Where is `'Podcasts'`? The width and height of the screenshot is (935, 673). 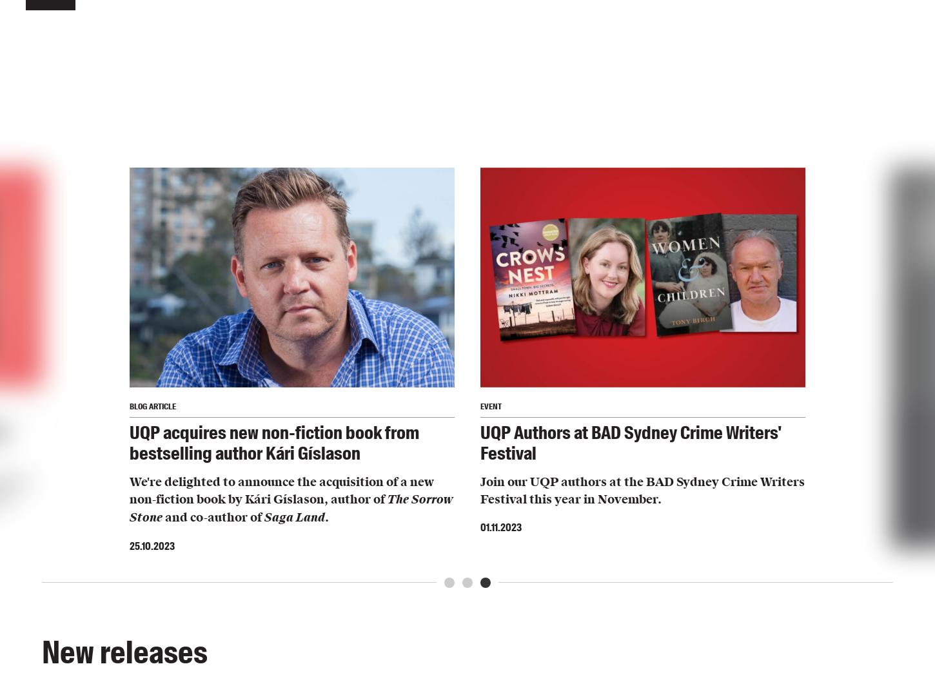 'Podcasts' is located at coordinates (241, 208).